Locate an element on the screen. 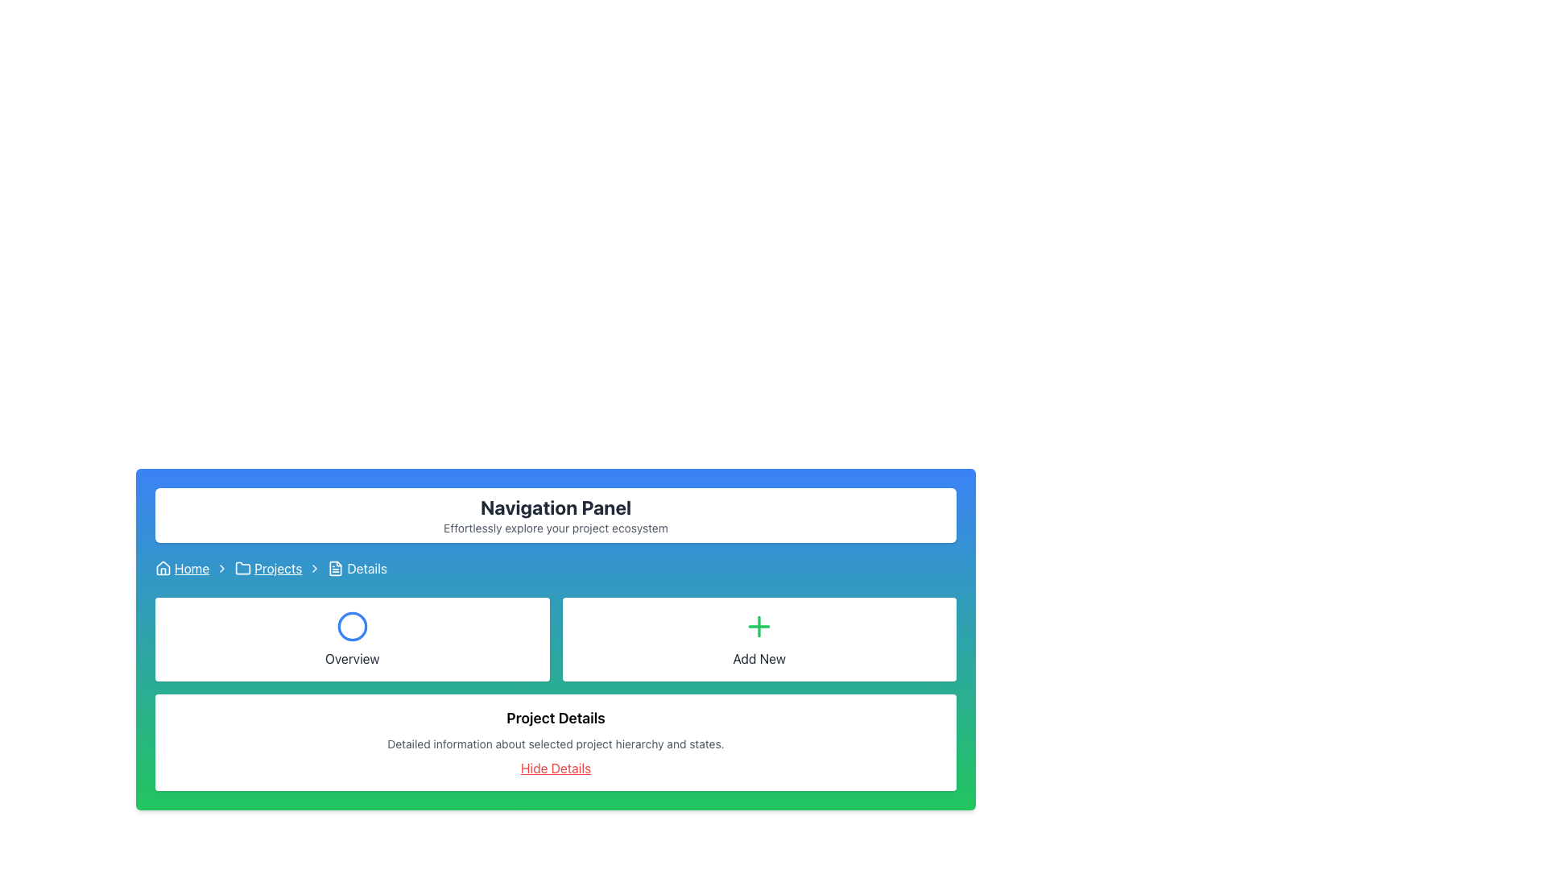 Image resolution: width=1546 pixels, height=870 pixels. the 'Home' hyperlink in the breadcrumb navigation bar is located at coordinates (192, 567).